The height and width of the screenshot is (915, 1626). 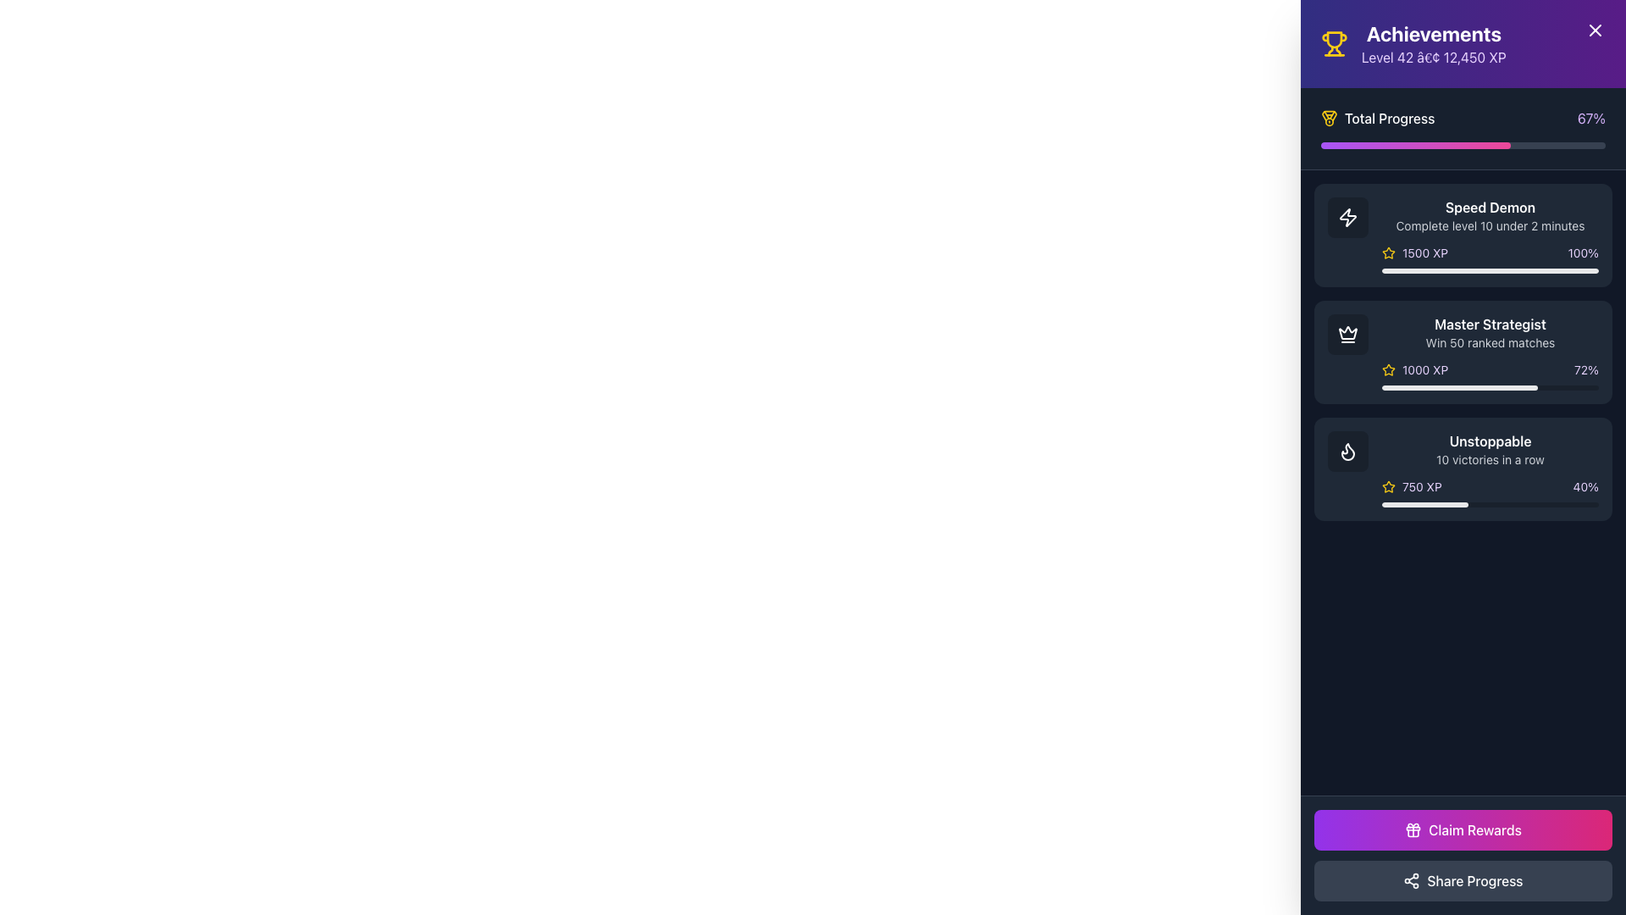 I want to click on the lightning bolt icon in the Achievements panel, which is located left of the 'Speed Demon' text and displayed within a rounded black rectangle, so click(x=1347, y=217).